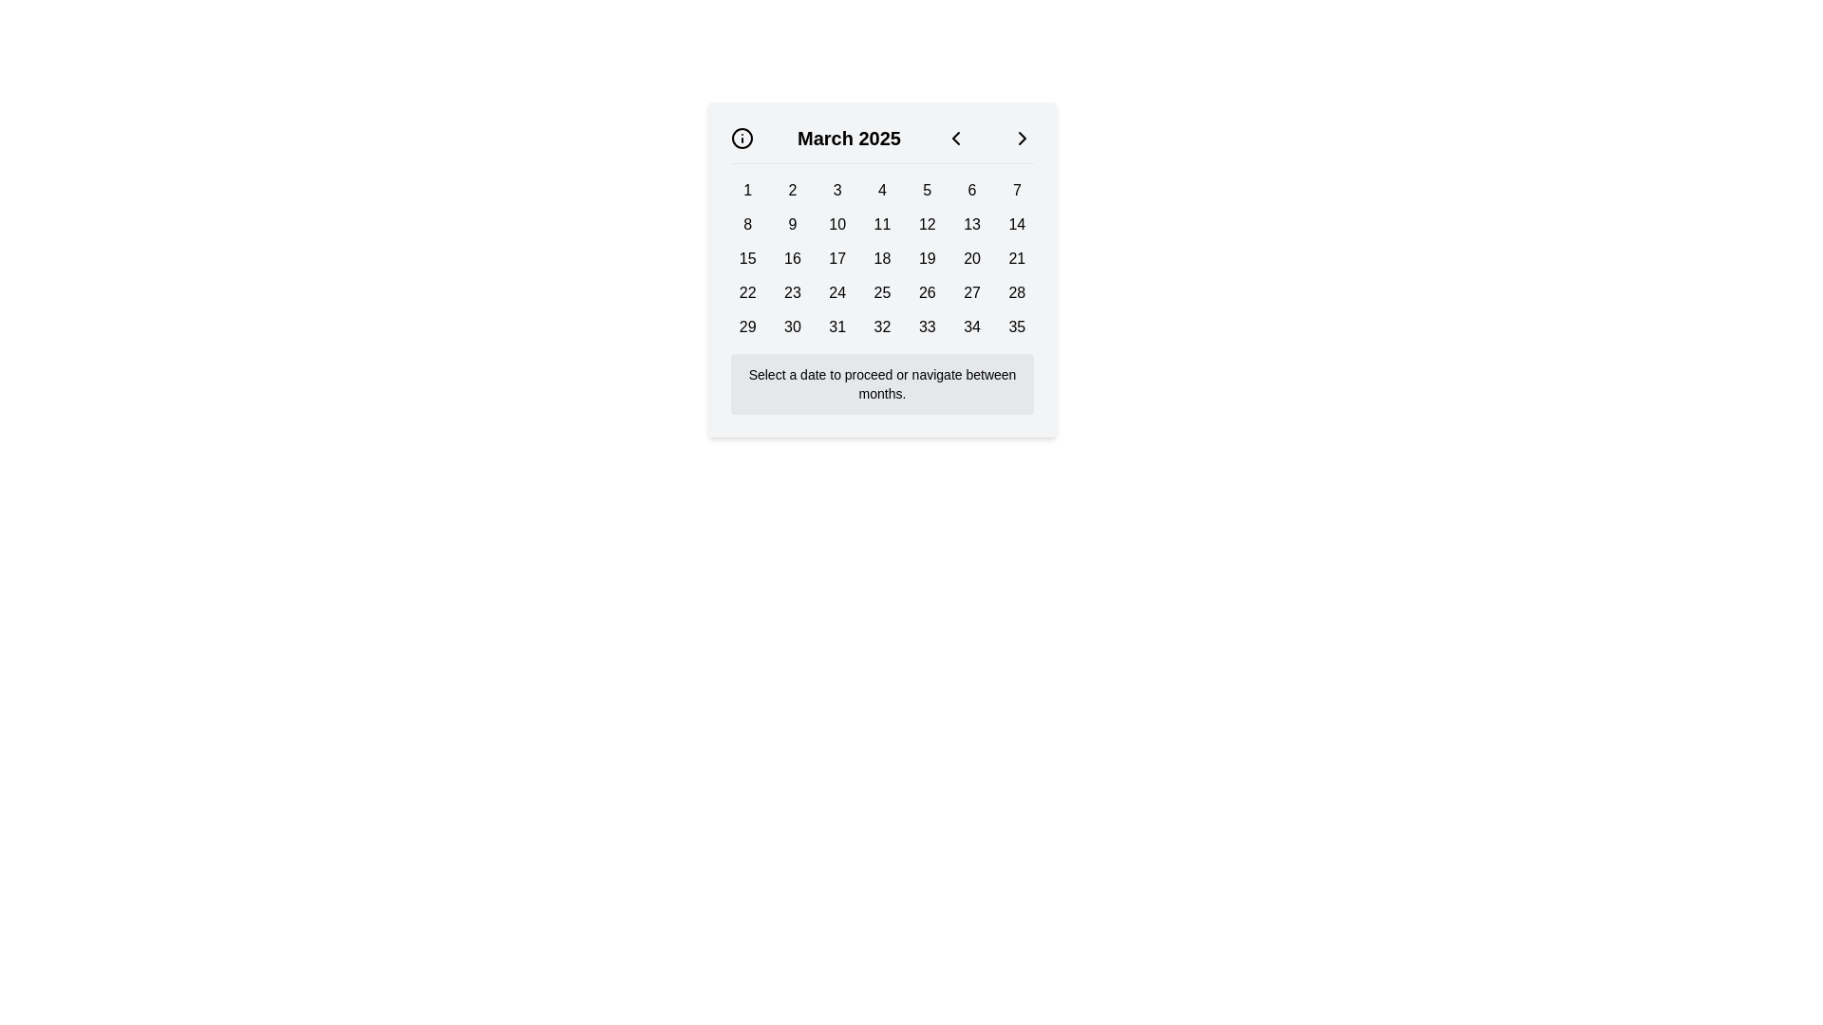 The height and width of the screenshot is (1025, 1823). Describe the element at coordinates (927, 292) in the screenshot. I see `the button labeled '26'` at that location.